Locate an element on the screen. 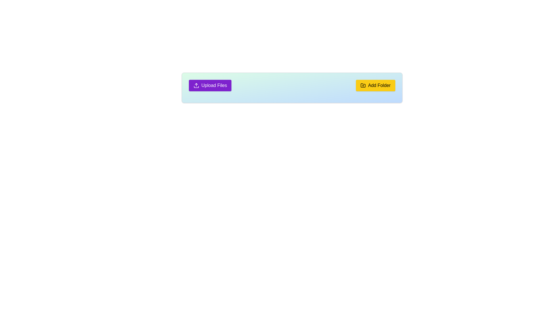 The image size is (552, 310). the visual appearance of the upload icon, which is an SVG icon with a thin outline of a horizontal square base and an upward-pointing arrow, located on the left side of the 'Upload Files' button with a purple background is located at coordinates (196, 85).